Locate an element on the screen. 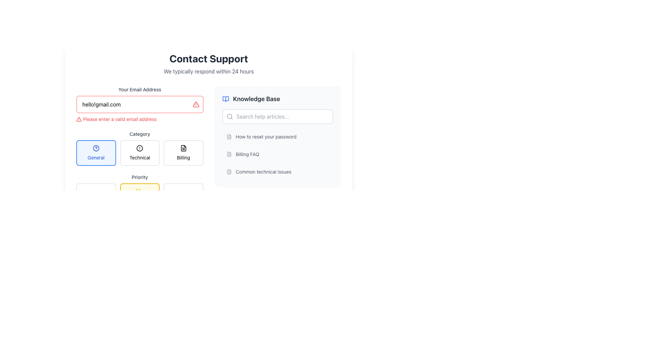 The image size is (648, 364). the button labeled 'General' which is a rectangular button with rounded corners, displaying a question mark icon and blue text on a light blue background, located in the top-left corner of the 'Category' section is located at coordinates (96, 153).